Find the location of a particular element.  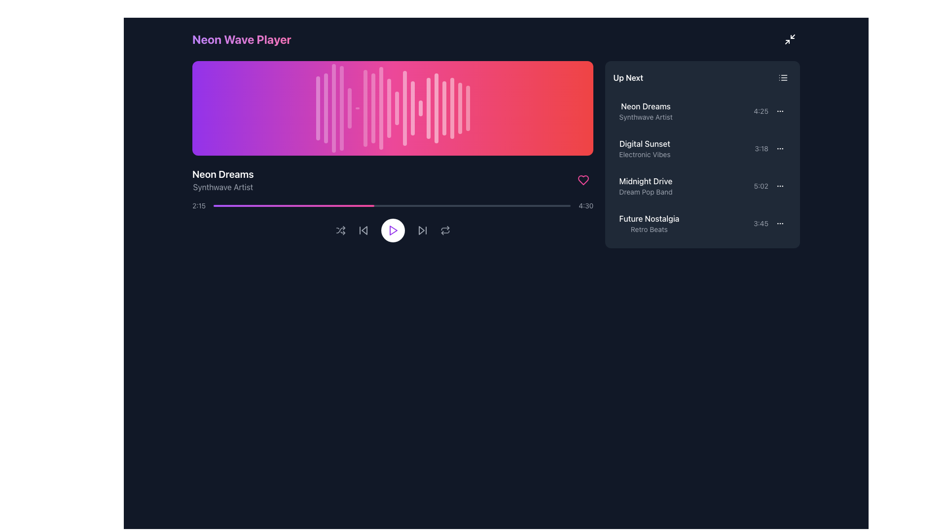

the nineteenth visual waveform bar, which is part of a dynamic audio playback visualizer located in the app's header section is located at coordinates (459, 108).